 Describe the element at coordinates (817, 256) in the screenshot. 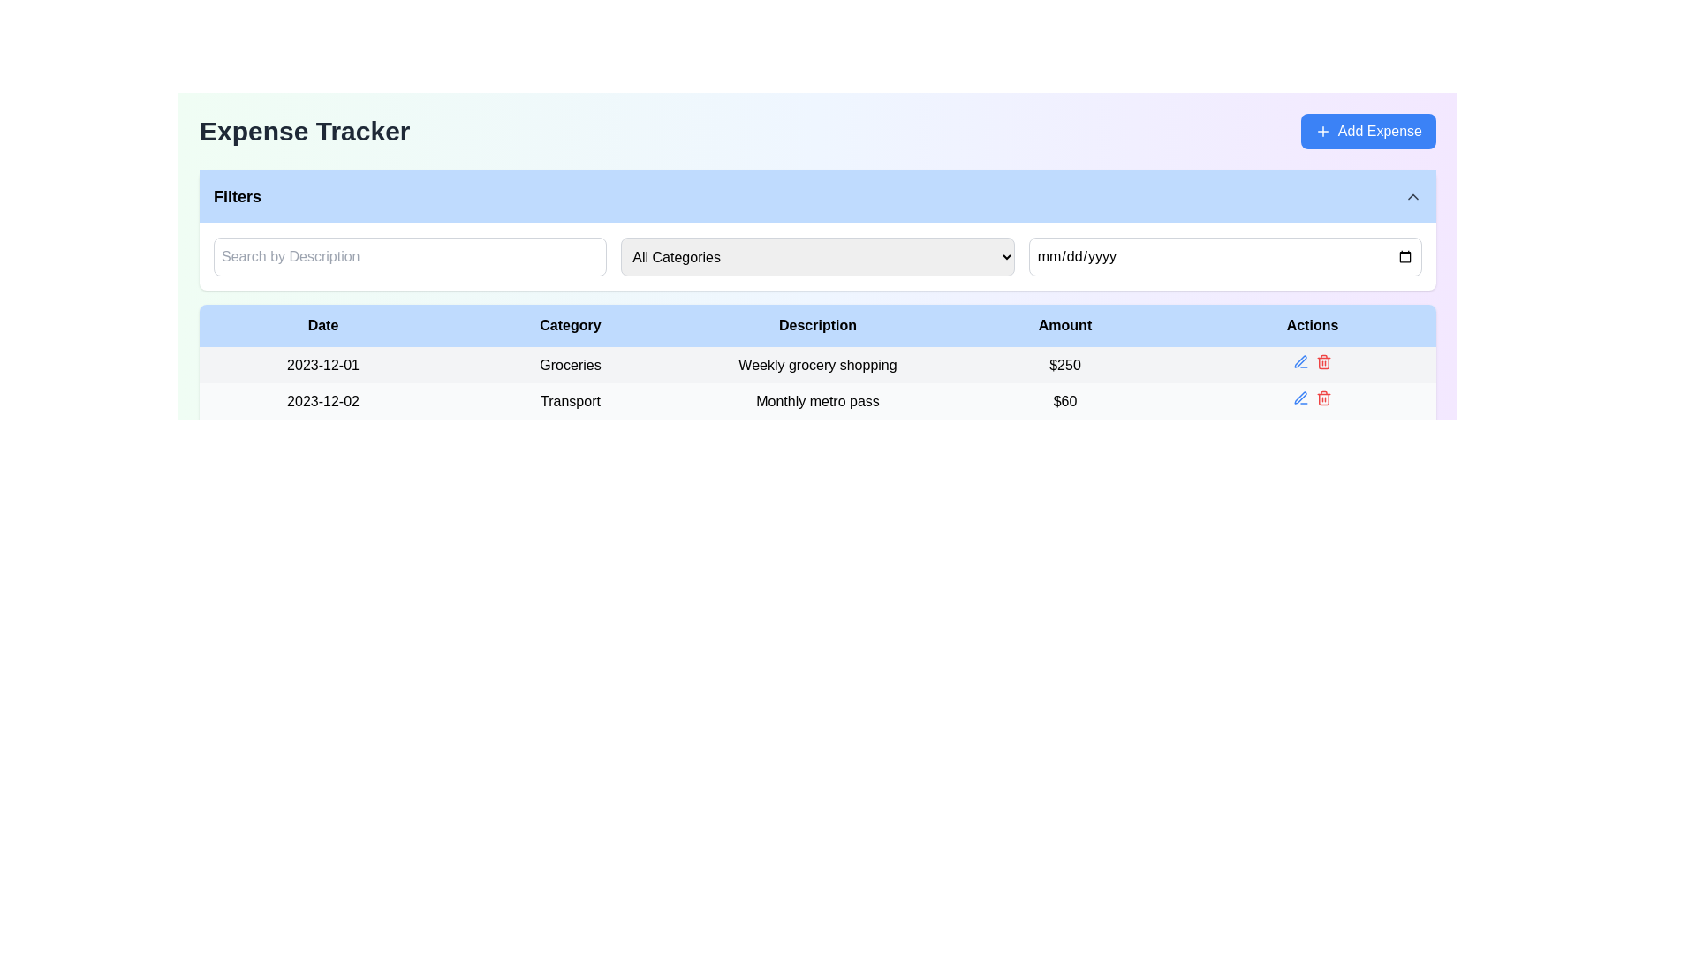

I see `the dropdown menu located centrally in the 'Filters' section` at that location.